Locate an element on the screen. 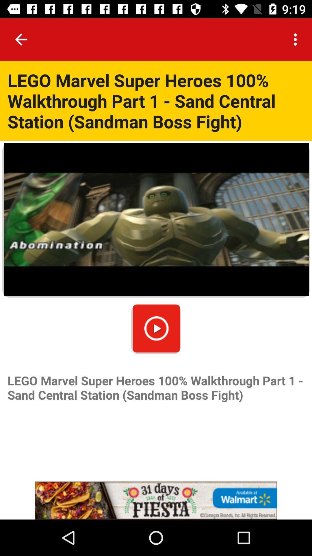  the play icon is located at coordinates (156, 328).